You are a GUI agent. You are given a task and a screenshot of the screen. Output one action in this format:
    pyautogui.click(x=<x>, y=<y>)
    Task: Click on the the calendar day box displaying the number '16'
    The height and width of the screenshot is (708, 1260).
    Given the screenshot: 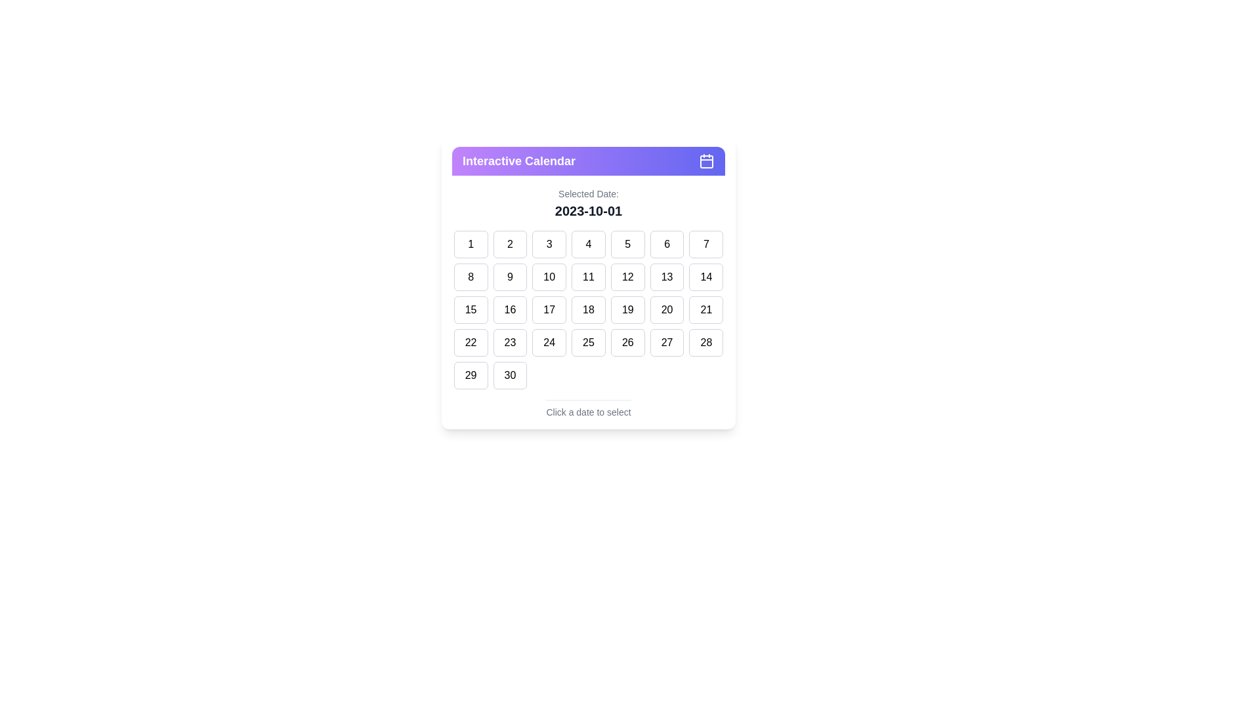 What is the action you would take?
    pyautogui.click(x=509, y=310)
    